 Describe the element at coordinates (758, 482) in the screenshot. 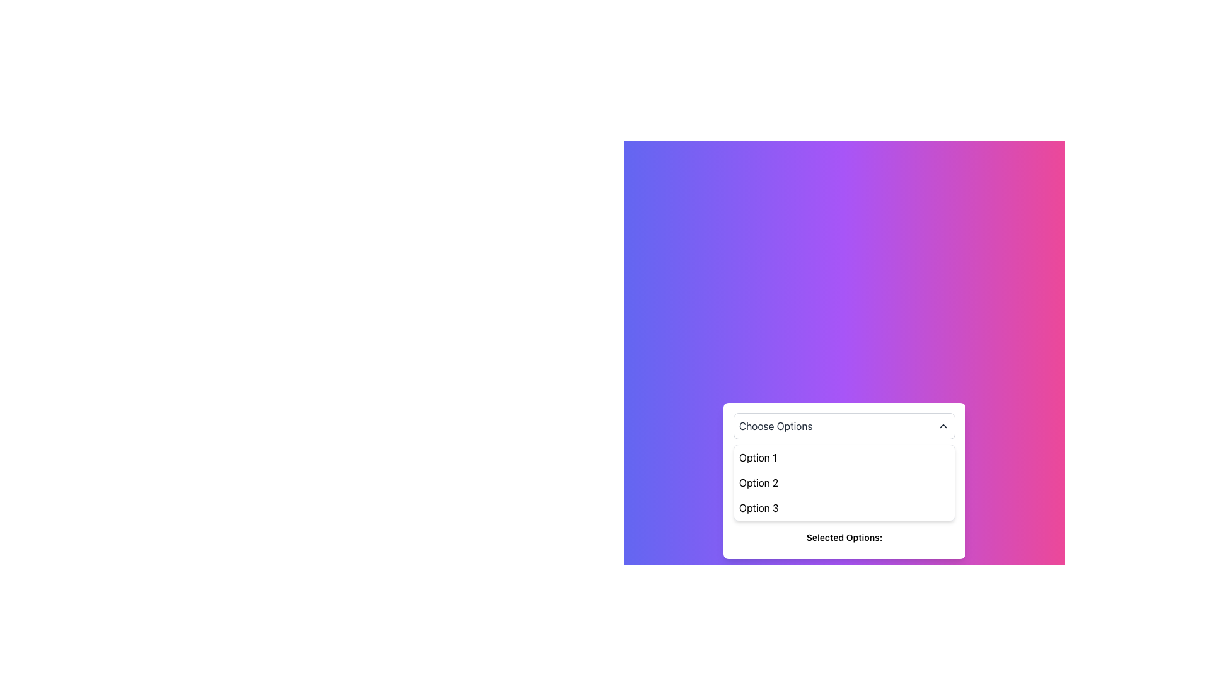

I see `the 'Option 2' text item in the dropdown menu` at that location.